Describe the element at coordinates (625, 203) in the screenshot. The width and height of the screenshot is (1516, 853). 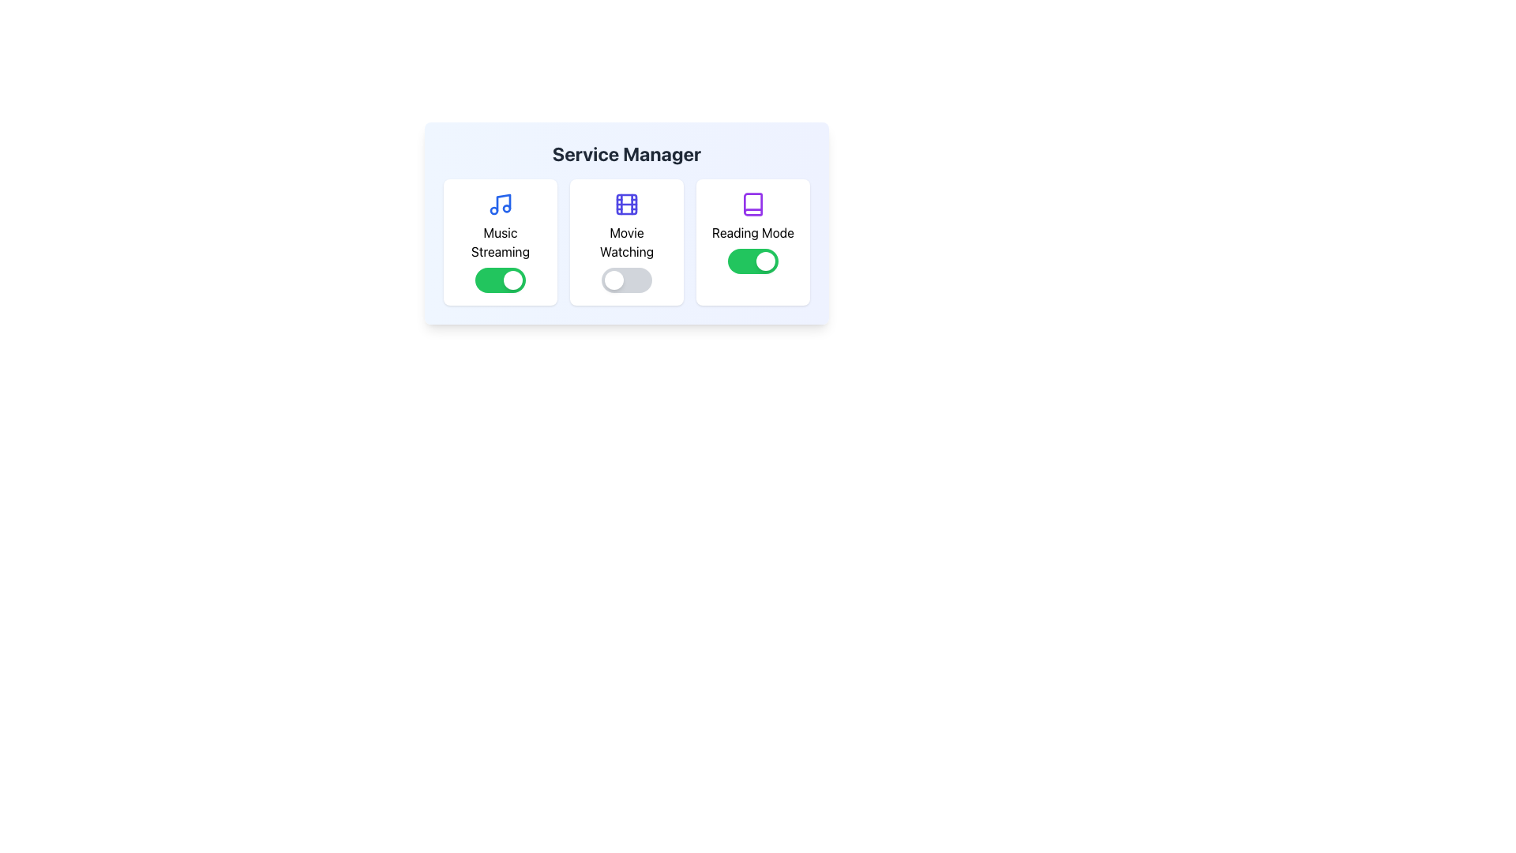
I see `the small rounded rectangle located inside the film reel icon representing 'Movie Watching' under the 'Service Manager' heading` at that location.